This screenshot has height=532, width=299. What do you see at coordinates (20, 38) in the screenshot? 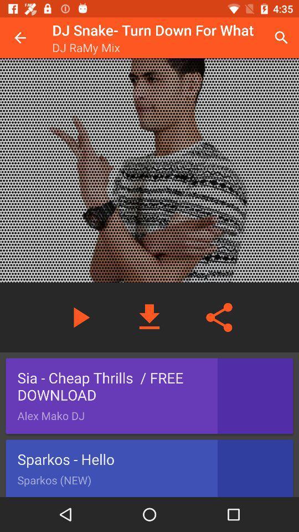
I see `icon next to dj snake turn icon` at bounding box center [20, 38].